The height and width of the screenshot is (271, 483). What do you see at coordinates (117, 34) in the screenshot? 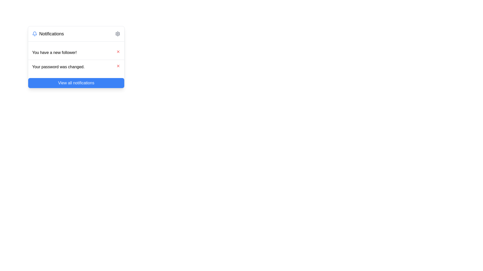
I see `the gear-shaped icon representing the settings option located on the far right of the notification header bar` at bounding box center [117, 34].